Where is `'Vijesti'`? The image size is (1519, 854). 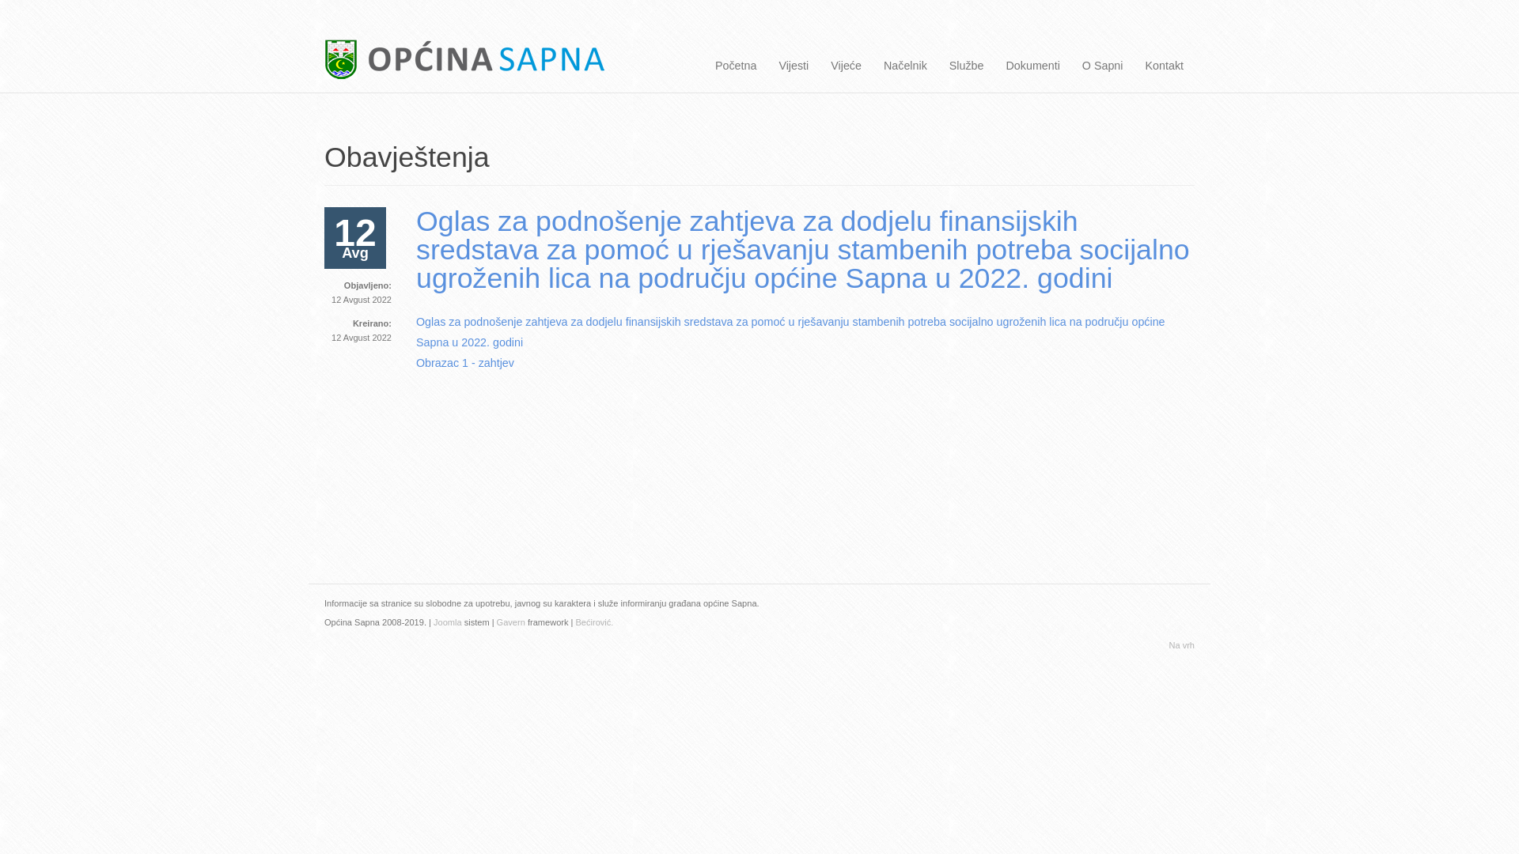
'Vijesti' is located at coordinates (794, 65).